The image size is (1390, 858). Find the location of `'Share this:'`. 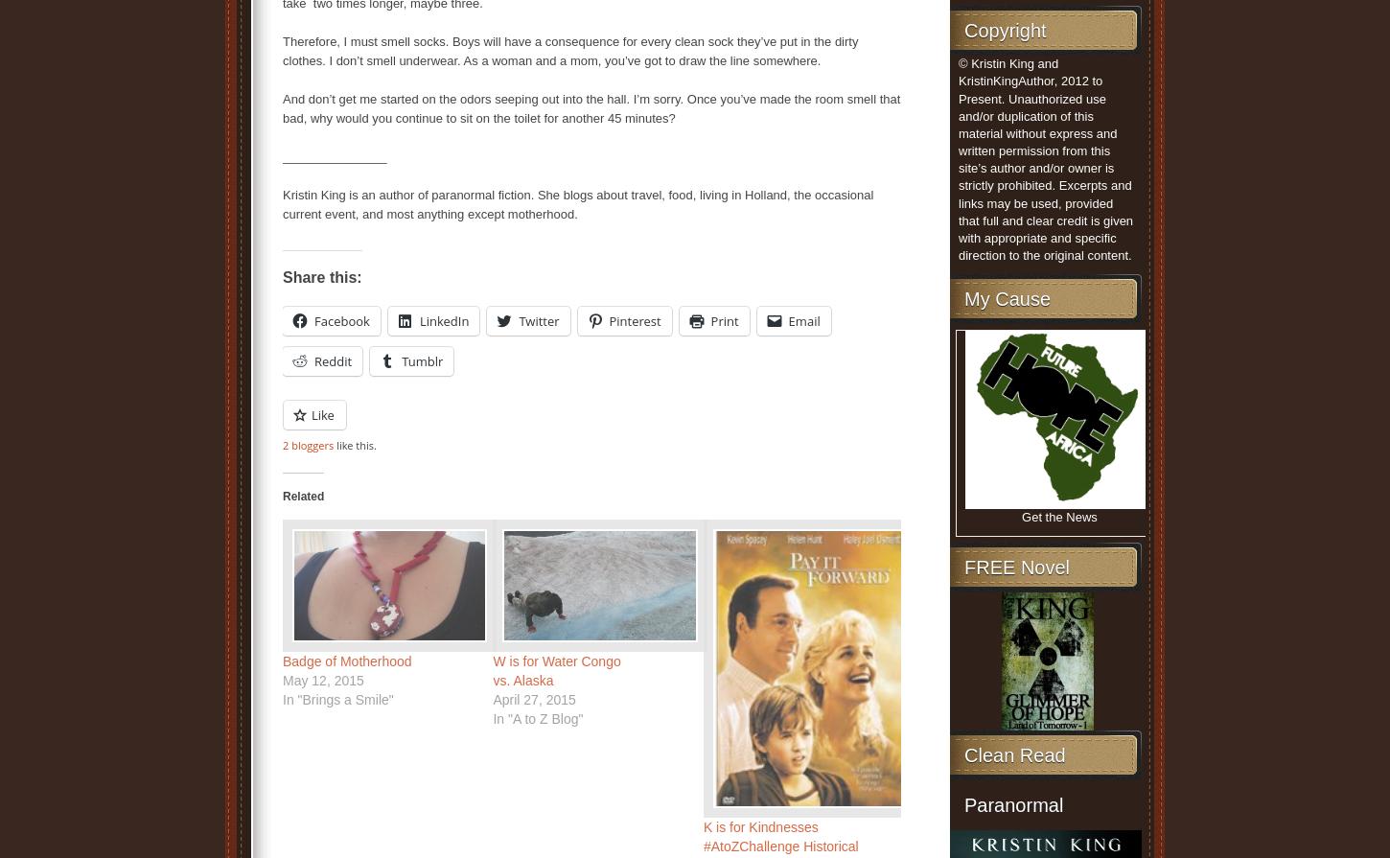

'Share this:' is located at coordinates (321, 276).